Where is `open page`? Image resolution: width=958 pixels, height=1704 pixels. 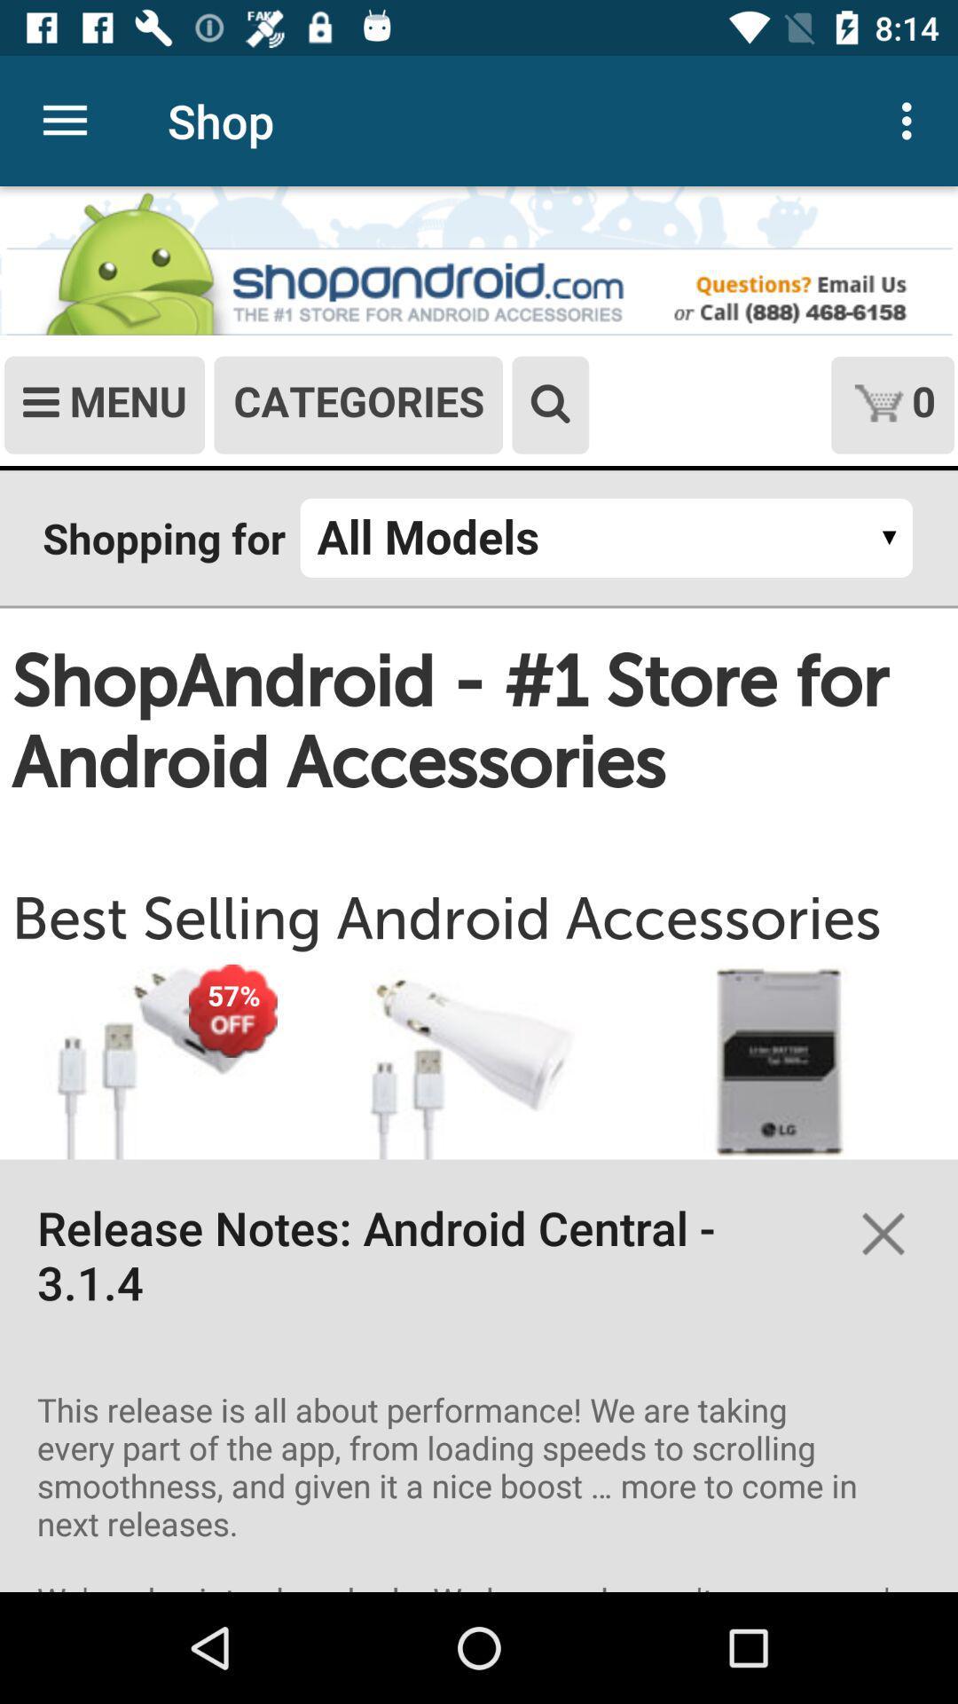 open page is located at coordinates (479, 889).